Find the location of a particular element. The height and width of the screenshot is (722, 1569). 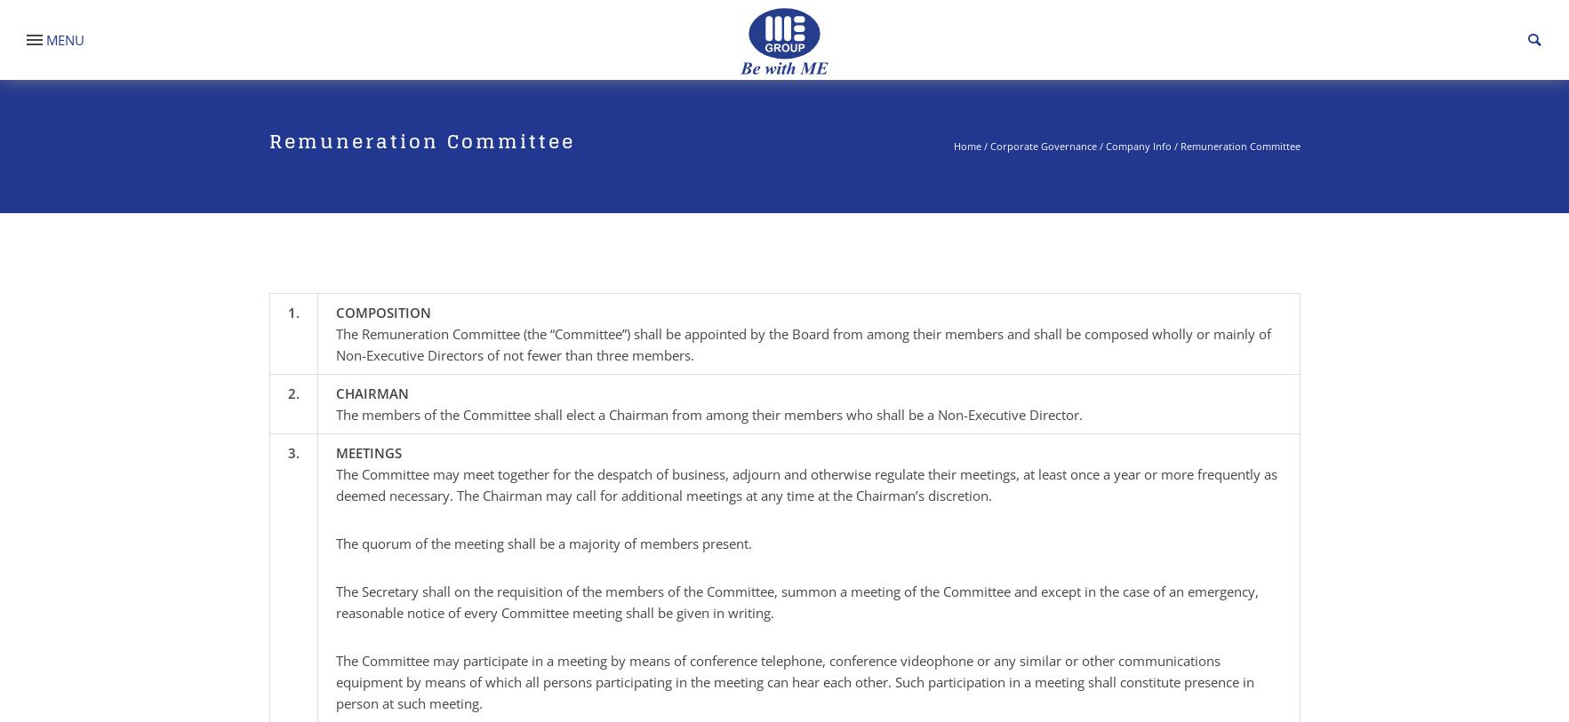

'CHAIRMAN' is located at coordinates (370, 393).